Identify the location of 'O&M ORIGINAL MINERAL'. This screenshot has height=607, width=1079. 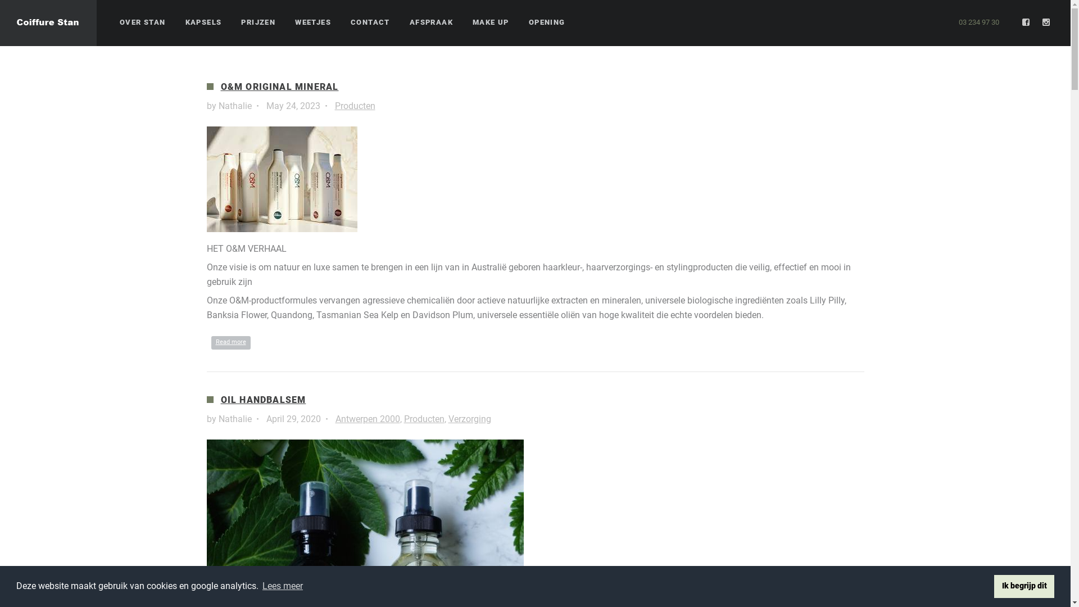
(279, 86).